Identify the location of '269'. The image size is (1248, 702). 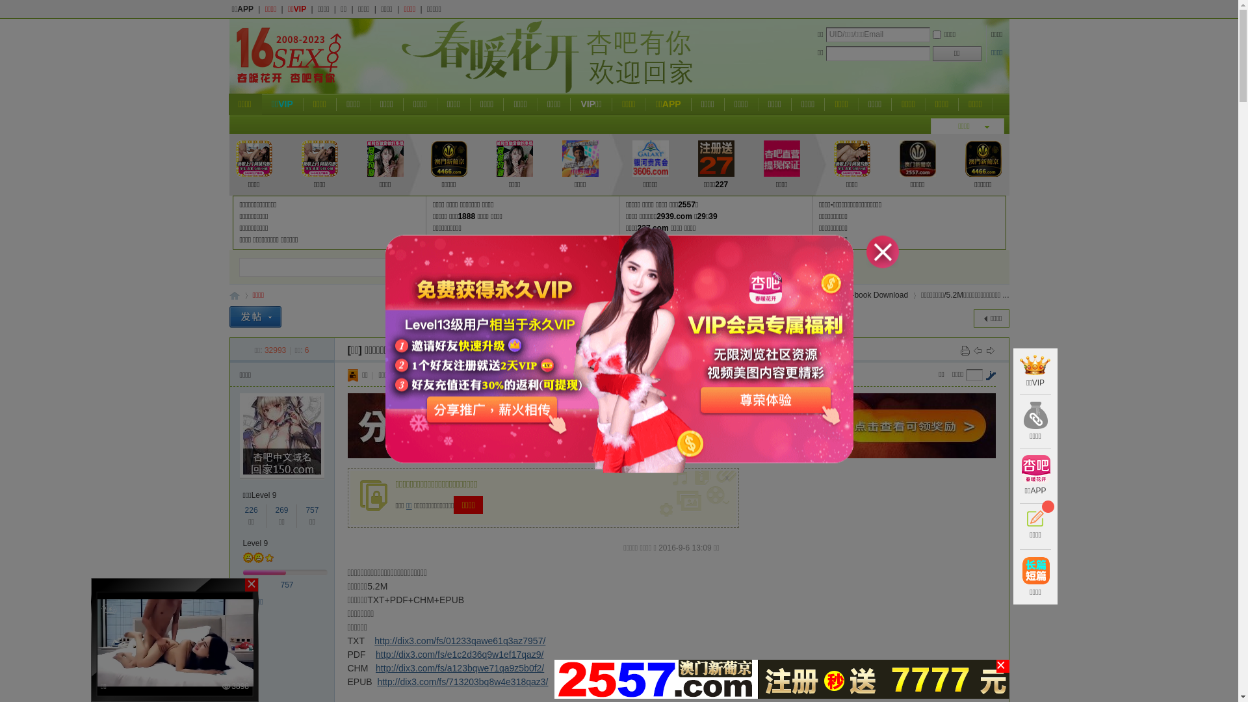
(280, 510).